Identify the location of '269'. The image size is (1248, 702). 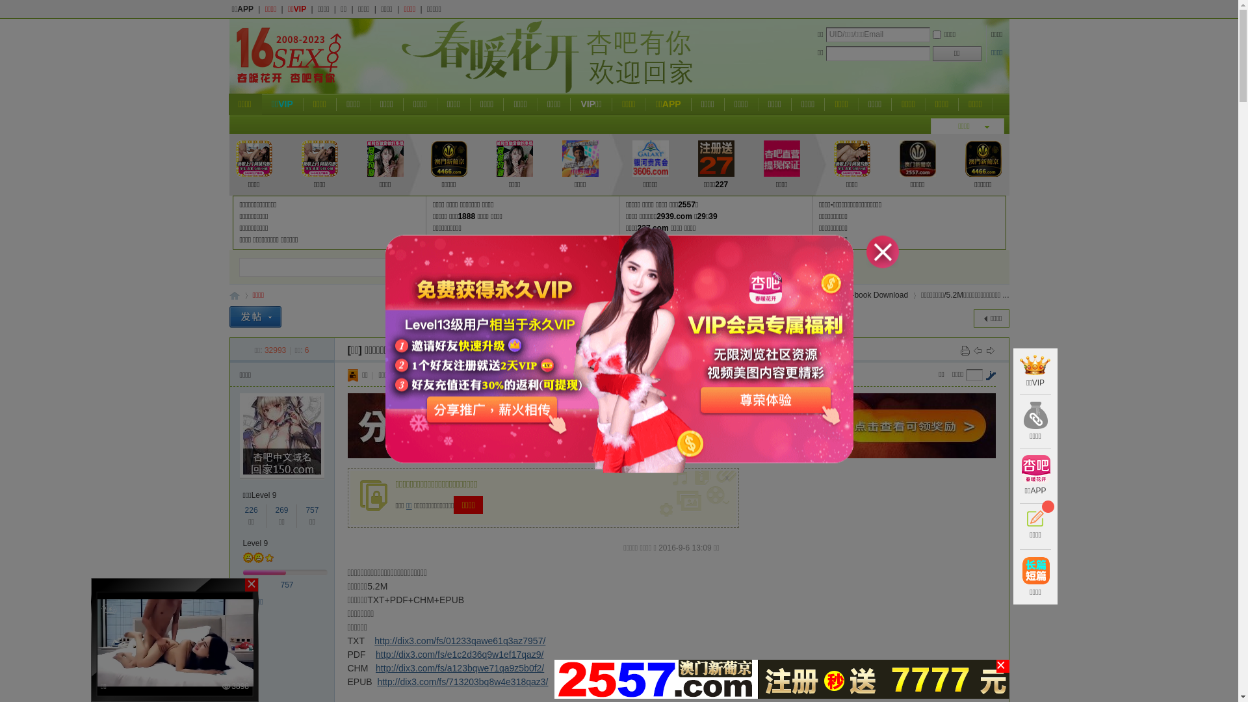
(280, 510).